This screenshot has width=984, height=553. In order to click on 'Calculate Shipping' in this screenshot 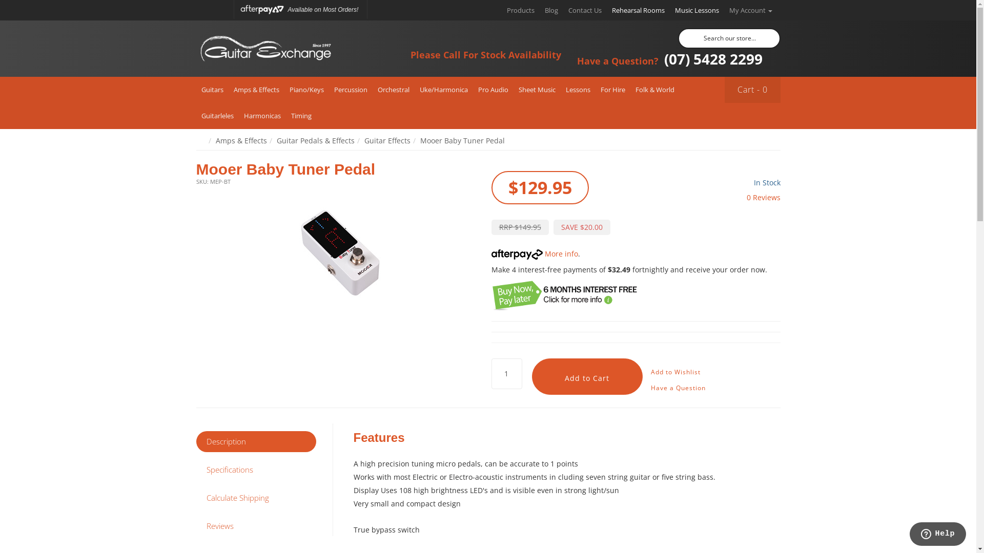, I will do `click(256, 497)`.